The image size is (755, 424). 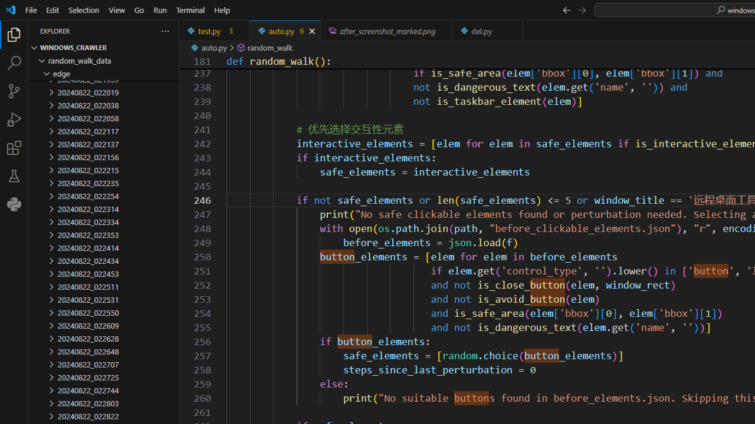 What do you see at coordinates (488, 30) in the screenshot?
I see `'del.py'` at bounding box center [488, 30].